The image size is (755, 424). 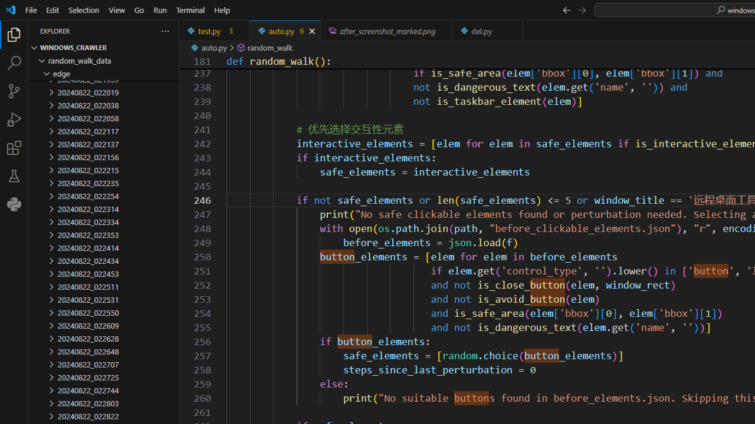 What do you see at coordinates (488, 30) in the screenshot?
I see `'del.py'` at bounding box center [488, 30].